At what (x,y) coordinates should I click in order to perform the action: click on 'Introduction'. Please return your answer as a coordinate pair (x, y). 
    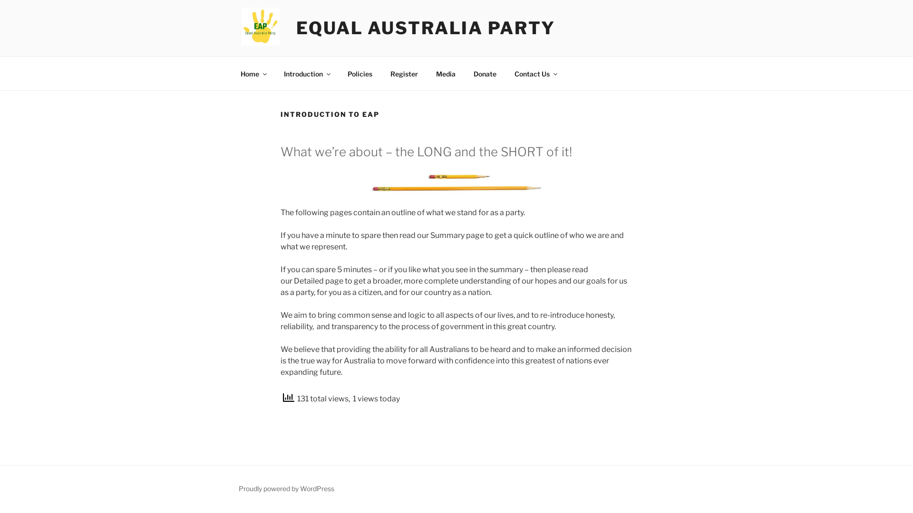
    Looking at the image, I should click on (306, 73).